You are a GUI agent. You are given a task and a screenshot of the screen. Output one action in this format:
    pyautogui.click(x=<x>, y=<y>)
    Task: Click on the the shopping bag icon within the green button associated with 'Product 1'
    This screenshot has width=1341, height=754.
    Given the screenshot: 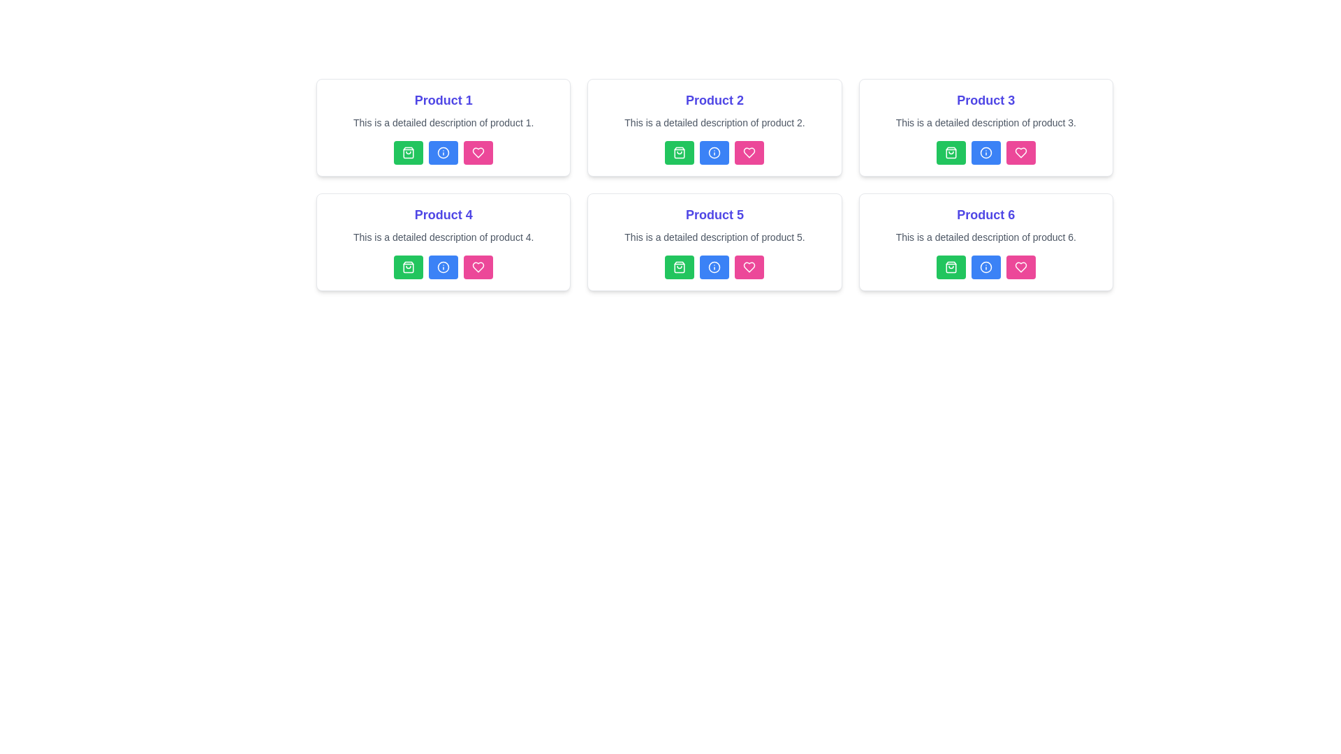 What is the action you would take?
    pyautogui.click(x=408, y=153)
    